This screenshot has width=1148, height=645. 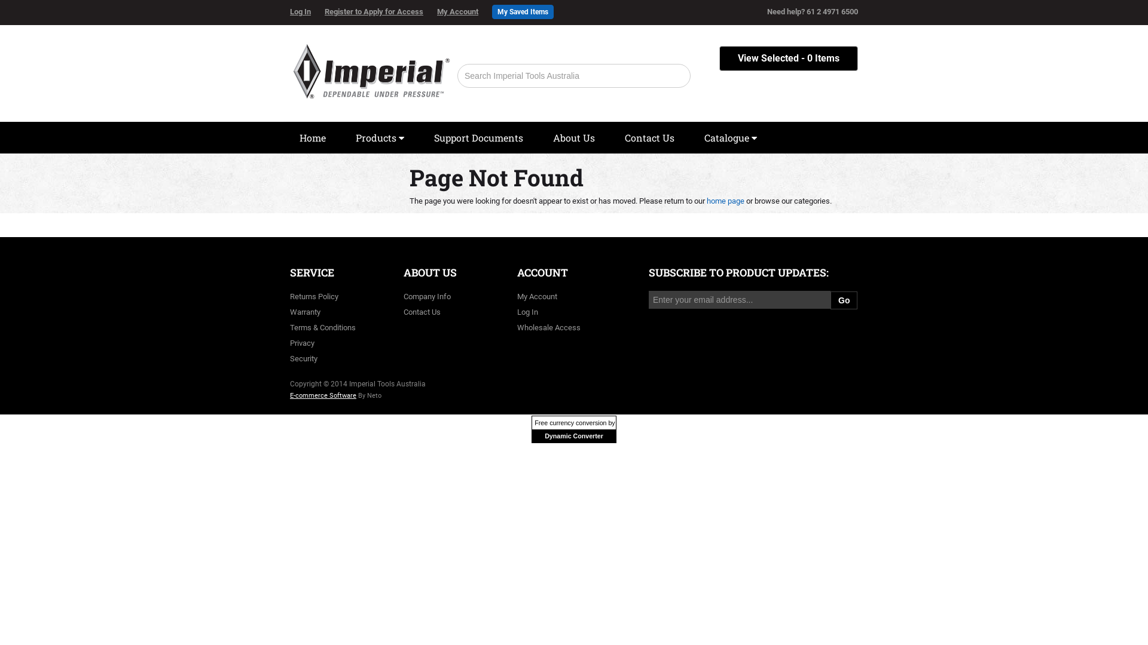 I want to click on 'Log In', so click(x=306, y=11).